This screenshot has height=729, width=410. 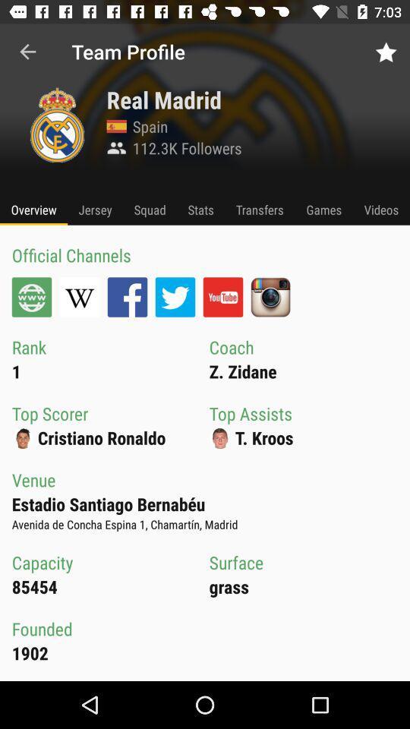 What do you see at coordinates (323, 209) in the screenshot?
I see `the games app` at bounding box center [323, 209].